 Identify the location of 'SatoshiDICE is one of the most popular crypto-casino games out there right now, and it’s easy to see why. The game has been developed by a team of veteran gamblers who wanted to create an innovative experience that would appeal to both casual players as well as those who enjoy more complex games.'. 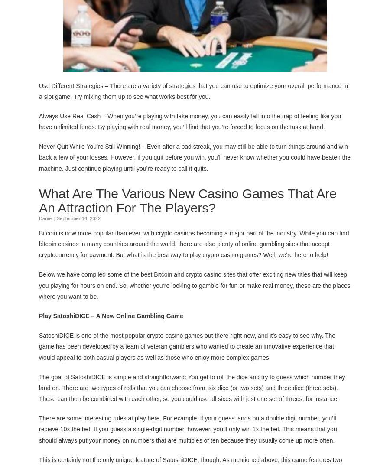
(39, 345).